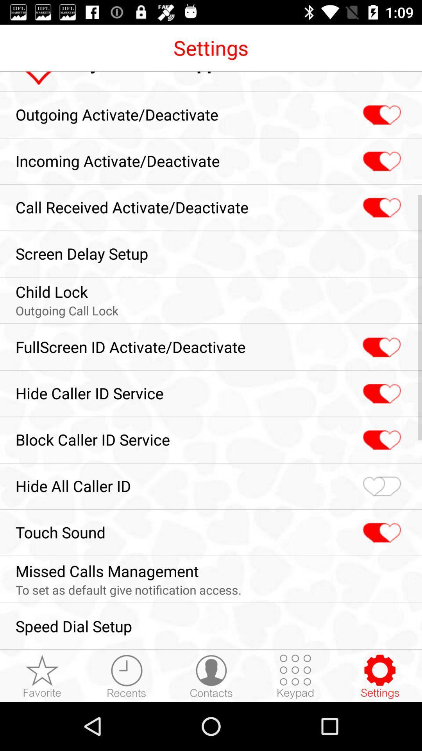  I want to click on the favorite icon, so click(381, 161).